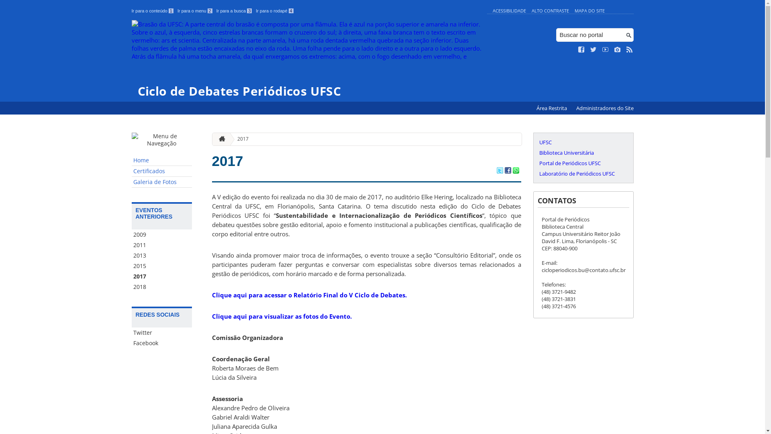 Image resolution: width=771 pixels, height=434 pixels. What do you see at coordinates (161, 266) in the screenshot?
I see `'2015'` at bounding box center [161, 266].